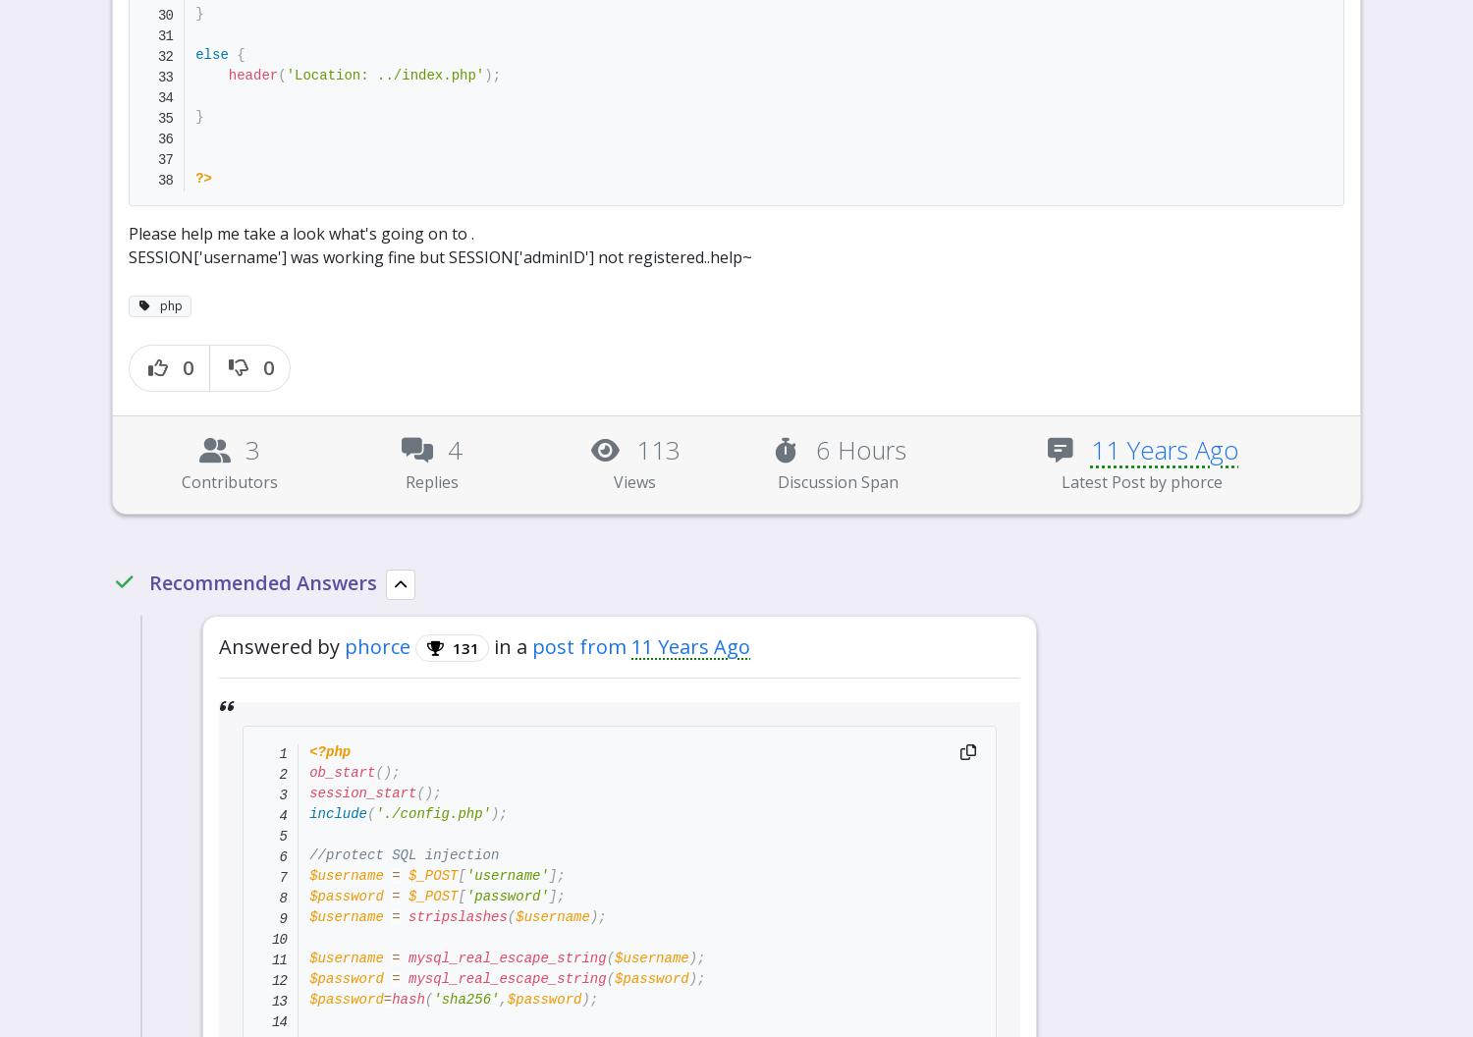  What do you see at coordinates (552, 826) in the screenshot?
I see `'We're a friendly, industry-focused community of developers, IT pros, digital marketers,
and technology enthusiasts meeting, networking, learning, and sharing knowledge.'` at bounding box center [552, 826].